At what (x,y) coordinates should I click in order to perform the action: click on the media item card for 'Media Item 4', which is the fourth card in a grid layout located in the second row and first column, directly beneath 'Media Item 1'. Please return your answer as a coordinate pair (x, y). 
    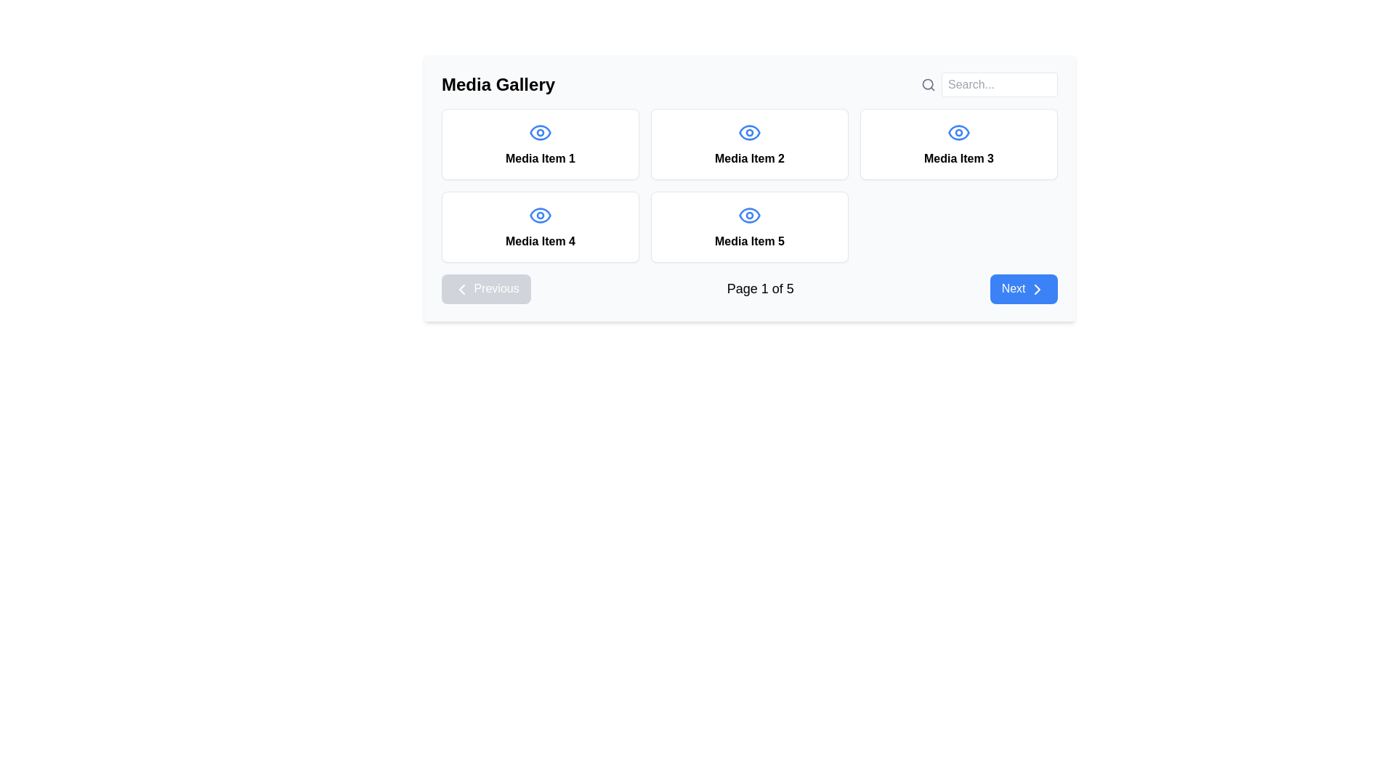
    Looking at the image, I should click on (540, 226).